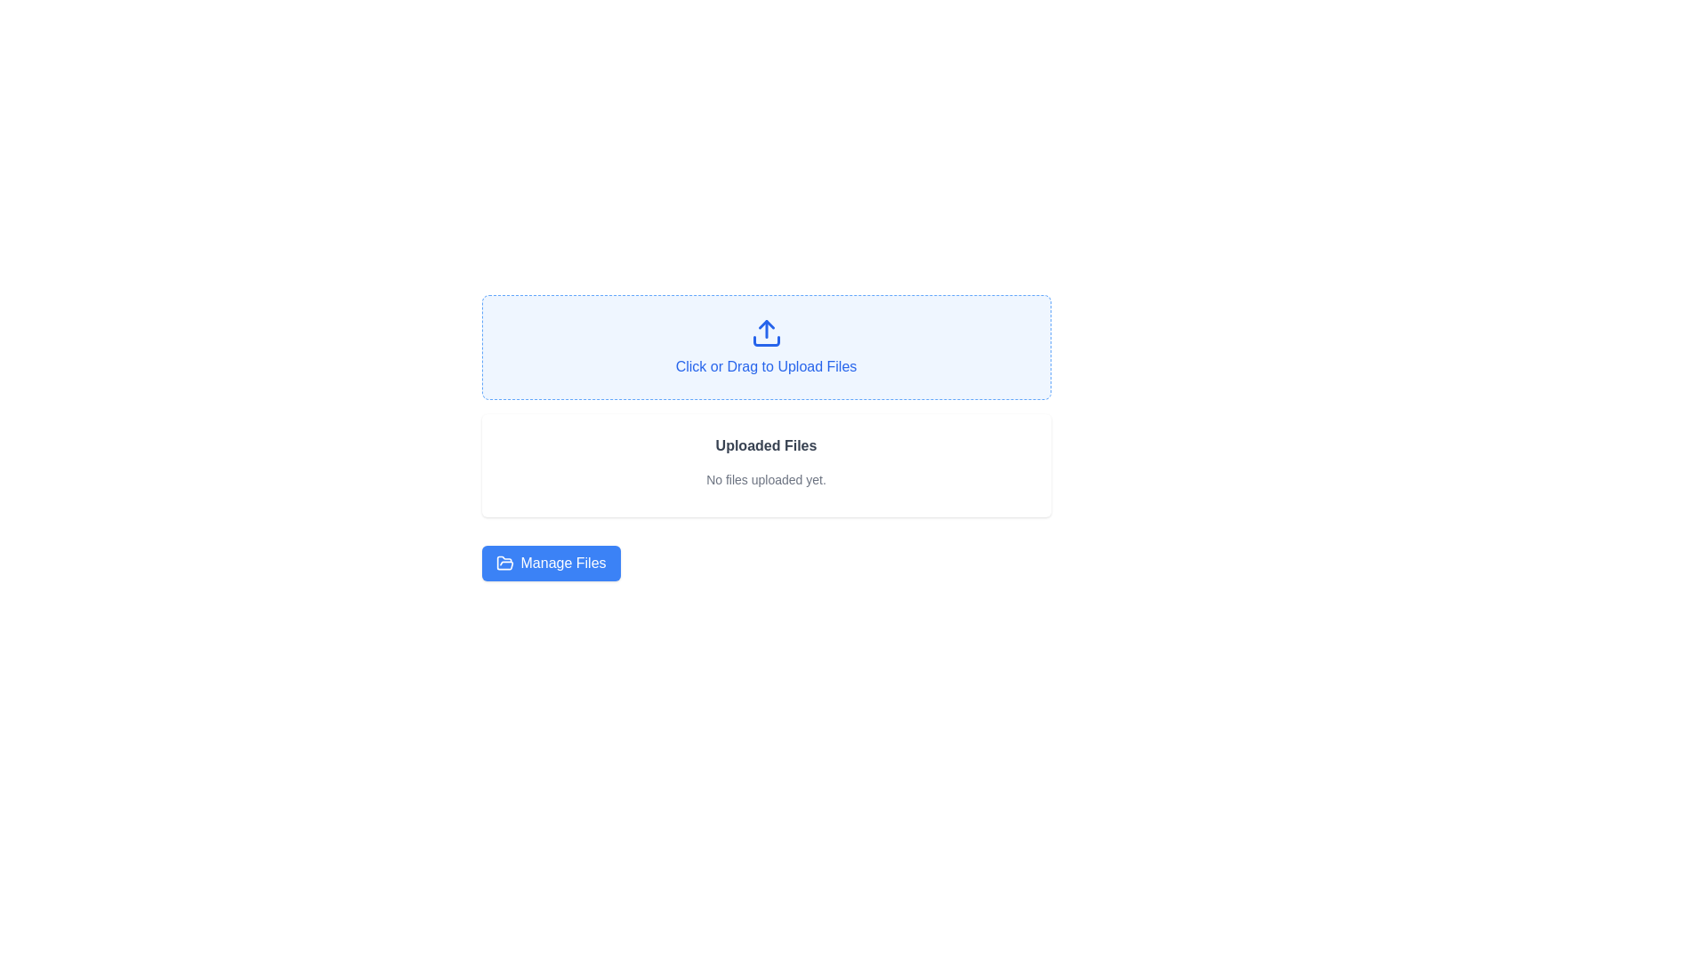 The image size is (1708, 960). I want to click on the folder icon located above the 'Manage Files' button in the bottom section of the interface, so click(504, 563).